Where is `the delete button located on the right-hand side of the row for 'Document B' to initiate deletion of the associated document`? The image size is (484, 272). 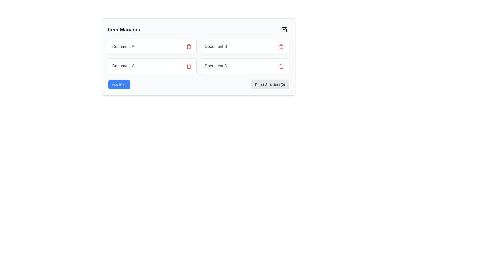 the delete button located on the right-hand side of the row for 'Document B' to initiate deletion of the associated document is located at coordinates (281, 47).